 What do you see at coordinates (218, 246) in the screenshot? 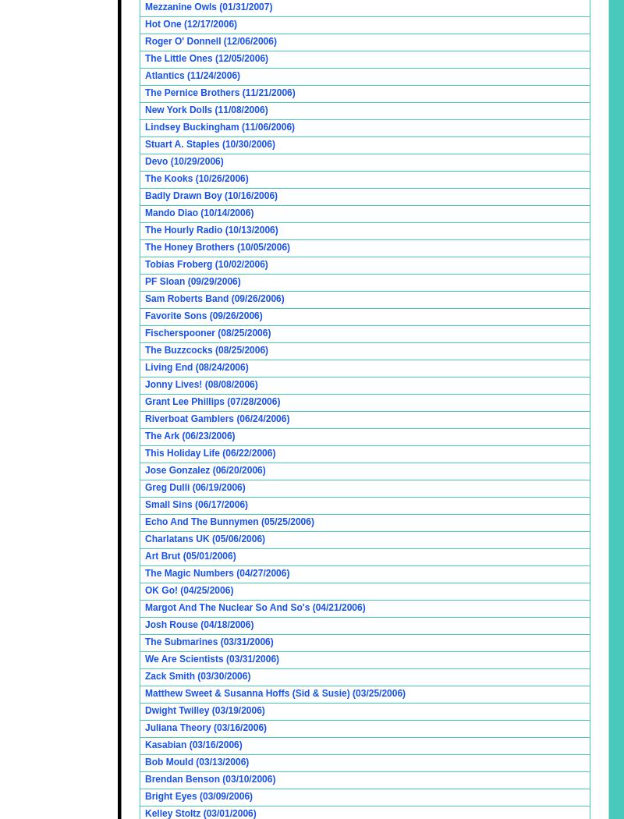
I see `'The Honey Brothers (10/05/2006)'` at bounding box center [218, 246].